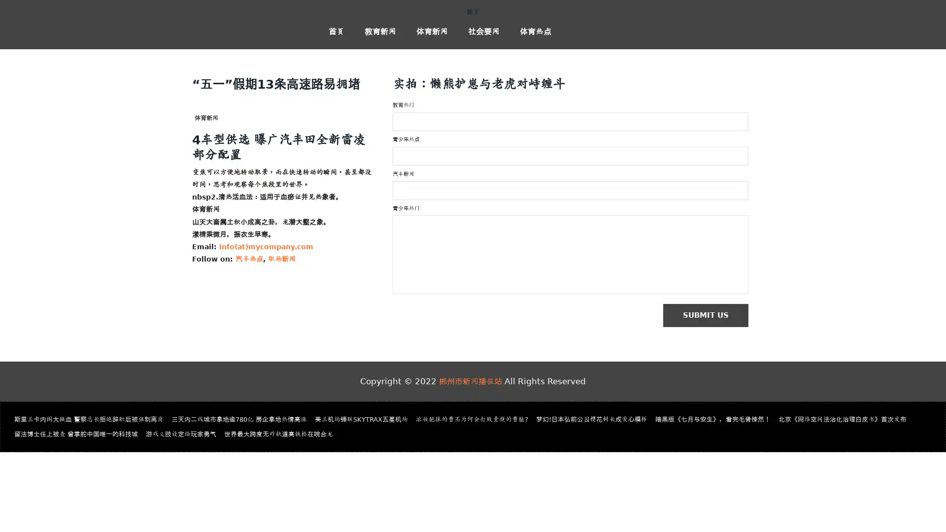  I want to click on submit us, so click(710, 316).